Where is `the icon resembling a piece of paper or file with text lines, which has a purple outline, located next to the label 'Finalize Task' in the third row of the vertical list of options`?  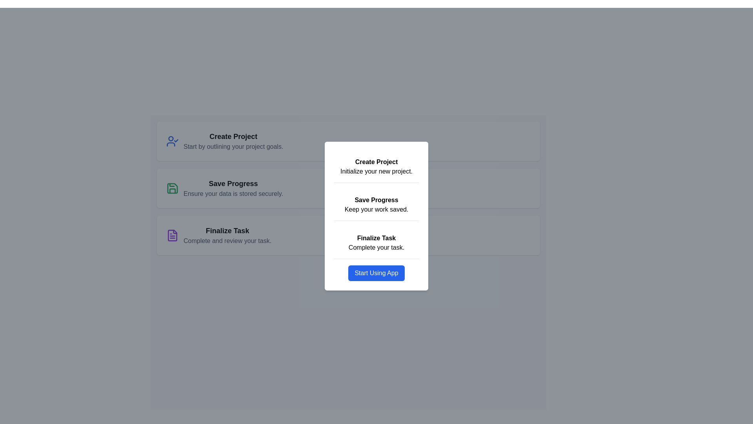
the icon resembling a piece of paper or file with text lines, which has a purple outline, located next to the label 'Finalize Task' in the third row of the vertical list of options is located at coordinates (172, 235).